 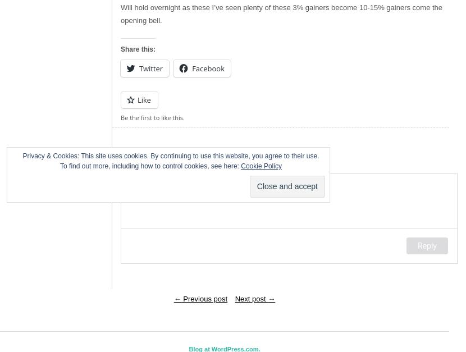 What do you see at coordinates (120, 163) in the screenshot?
I see `'Leave a Reply'` at bounding box center [120, 163].